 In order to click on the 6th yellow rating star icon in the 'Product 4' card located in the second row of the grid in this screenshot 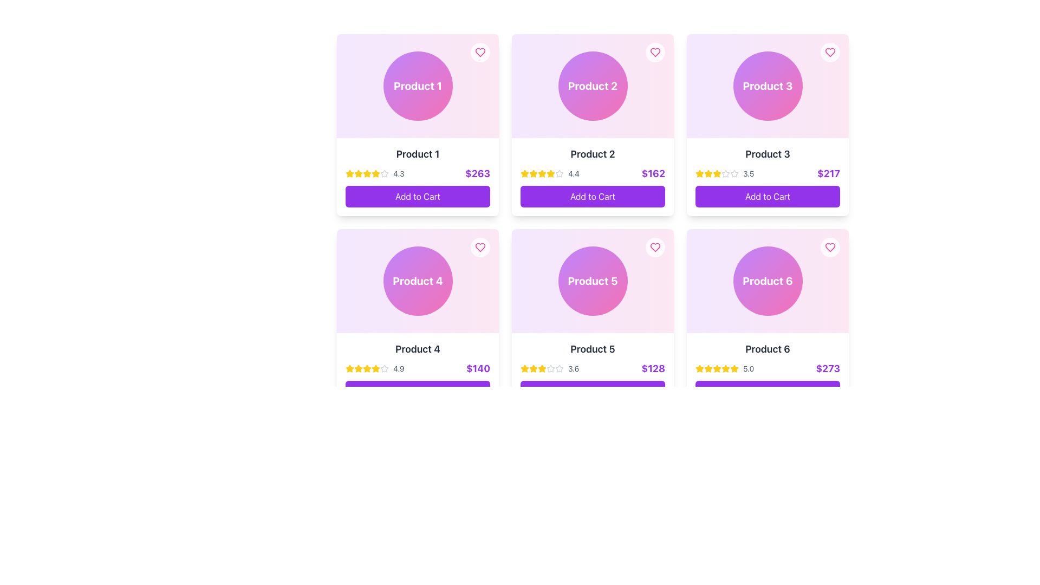, I will do `click(376, 368)`.